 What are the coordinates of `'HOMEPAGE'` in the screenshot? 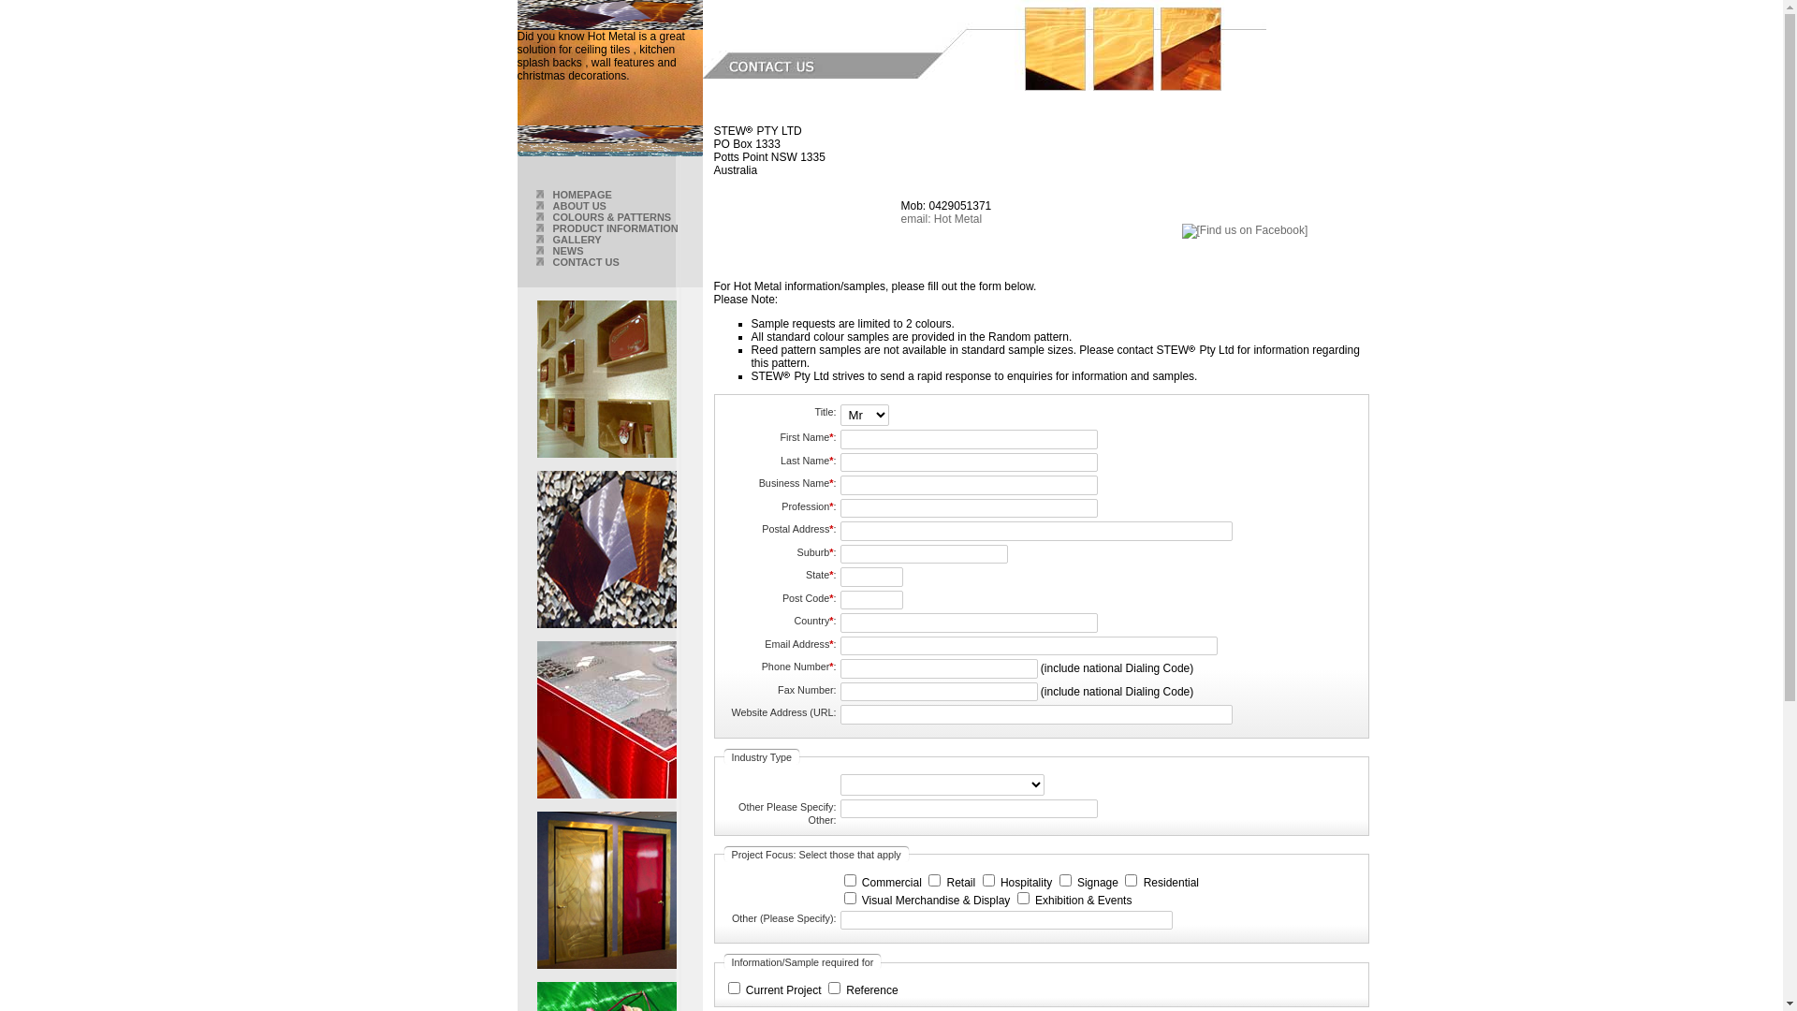 It's located at (580, 195).